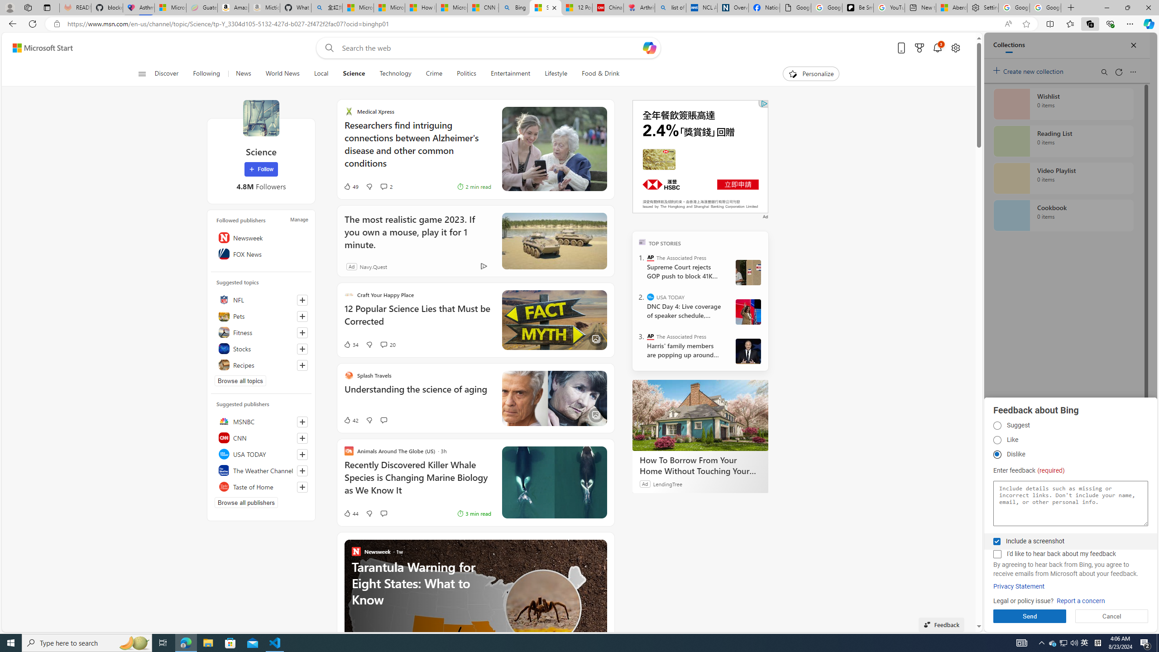 The width and height of the screenshot is (1159, 652). I want to click on 'Dislike Dislike', so click(996, 454).